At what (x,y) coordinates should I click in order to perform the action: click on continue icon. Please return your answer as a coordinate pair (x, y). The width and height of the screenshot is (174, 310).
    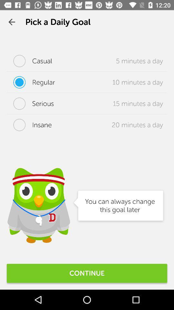
    Looking at the image, I should click on (87, 273).